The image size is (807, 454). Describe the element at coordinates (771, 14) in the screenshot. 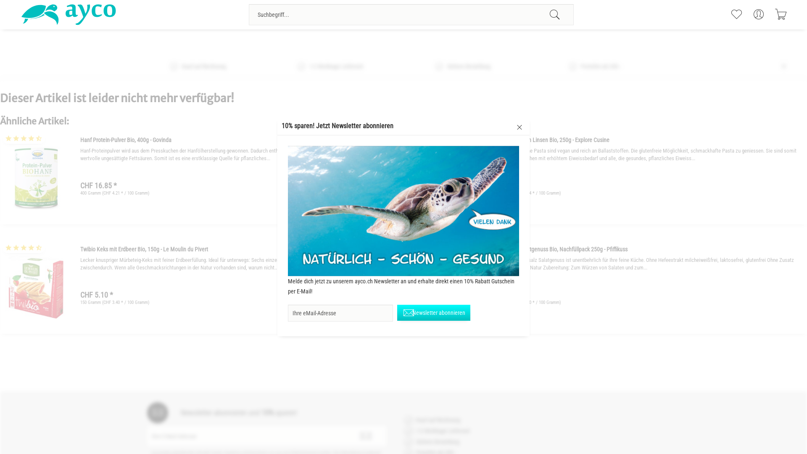

I see `'Warenkorb'` at that location.